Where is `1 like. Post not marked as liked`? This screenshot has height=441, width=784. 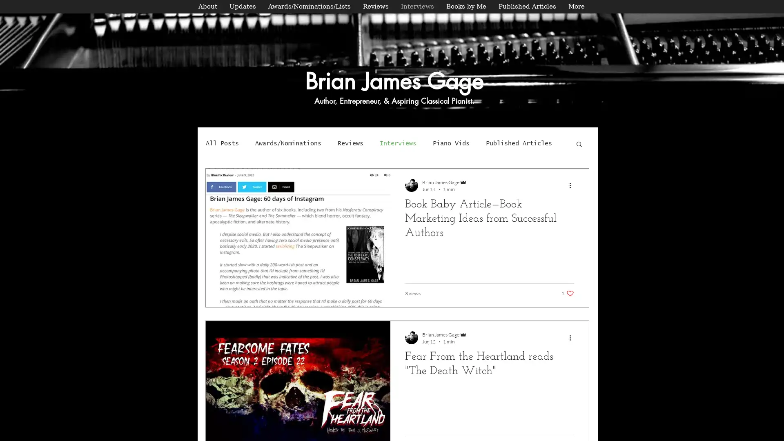 1 like. Post not marked as liked is located at coordinates (567, 293).